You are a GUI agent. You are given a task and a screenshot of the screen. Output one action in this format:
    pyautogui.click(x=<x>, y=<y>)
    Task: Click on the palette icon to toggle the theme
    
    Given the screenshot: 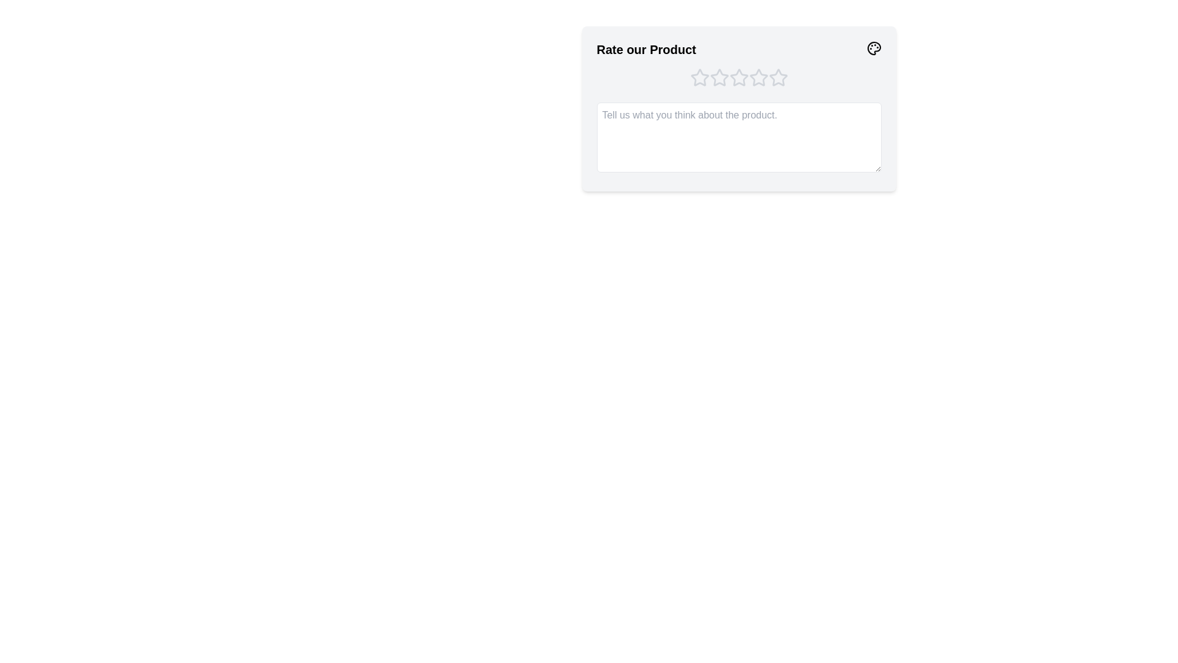 What is the action you would take?
    pyautogui.click(x=873, y=47)
    